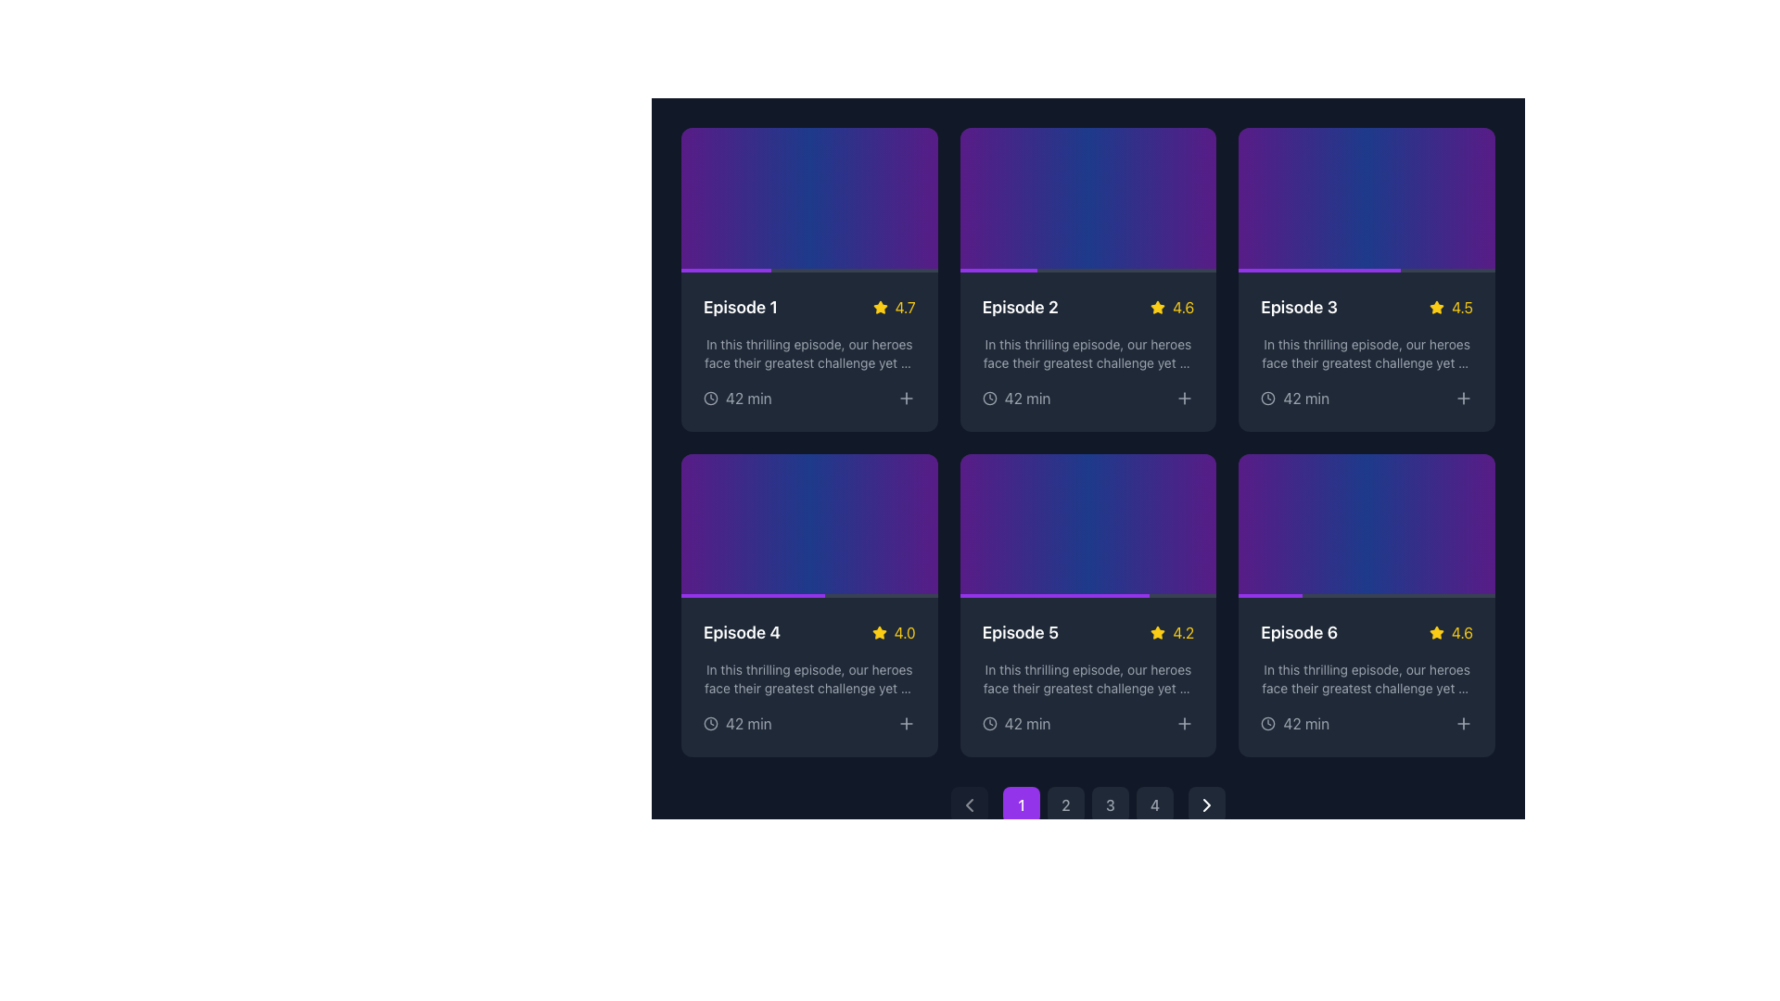 This screenshot has width=1780, height=1001. I want to click on the star icon representing the rating of '4.5' in the third card of the top row, so click(1436, 306).